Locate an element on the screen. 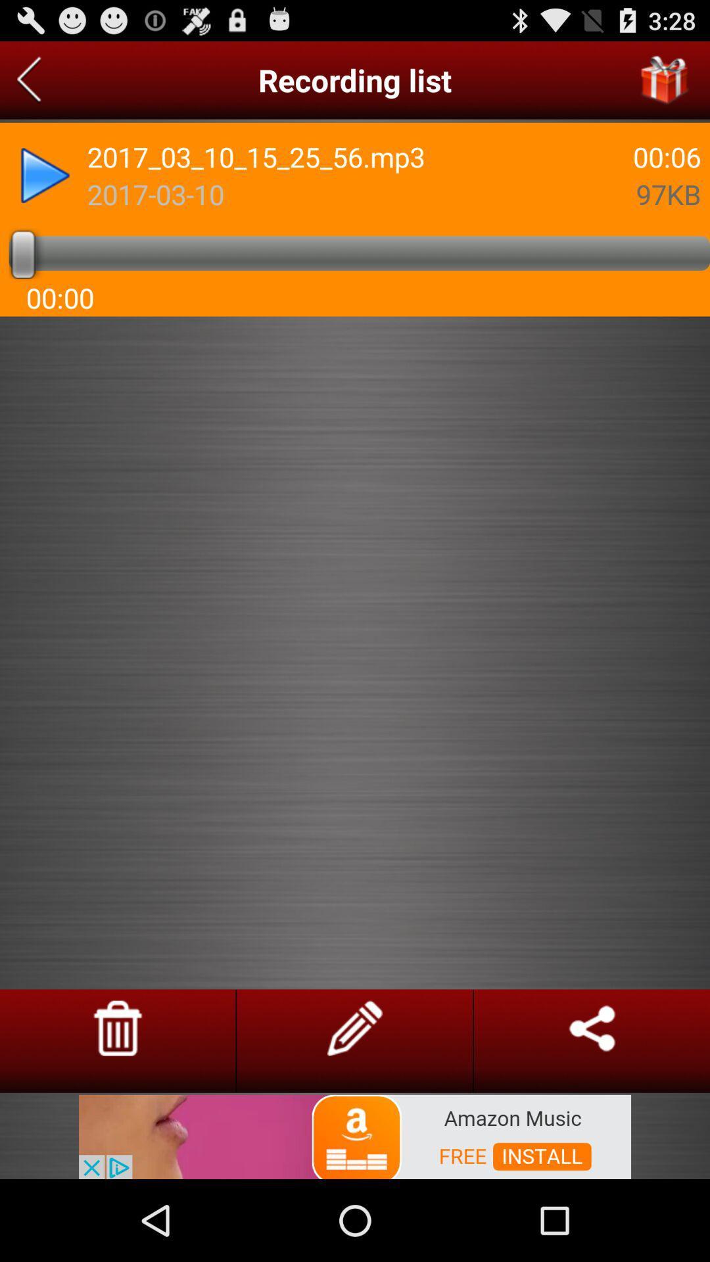 The height and width of the screenshot is (1262, 710). share is located at coordinates (592, 1027).